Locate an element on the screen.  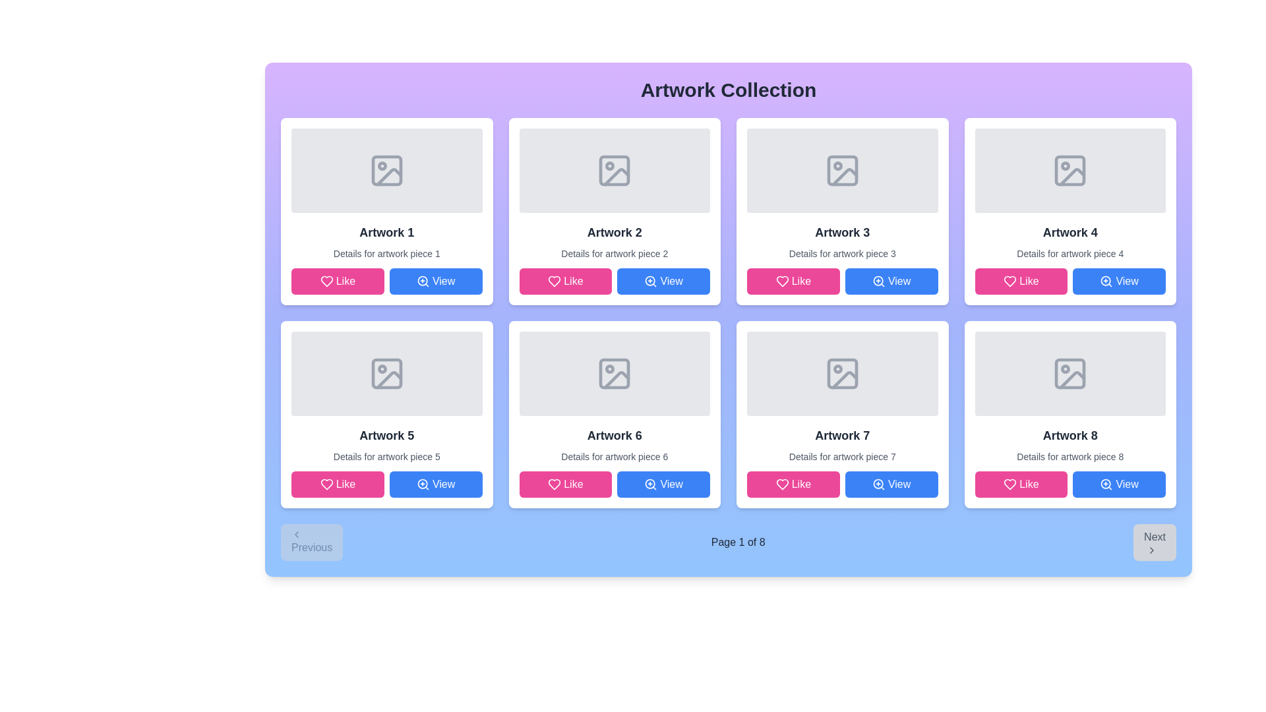
the 'Like' button in the Grouped button component located beneath the title of 'Artwork 8' to like the artwork is located at coordinates (1070, 485).